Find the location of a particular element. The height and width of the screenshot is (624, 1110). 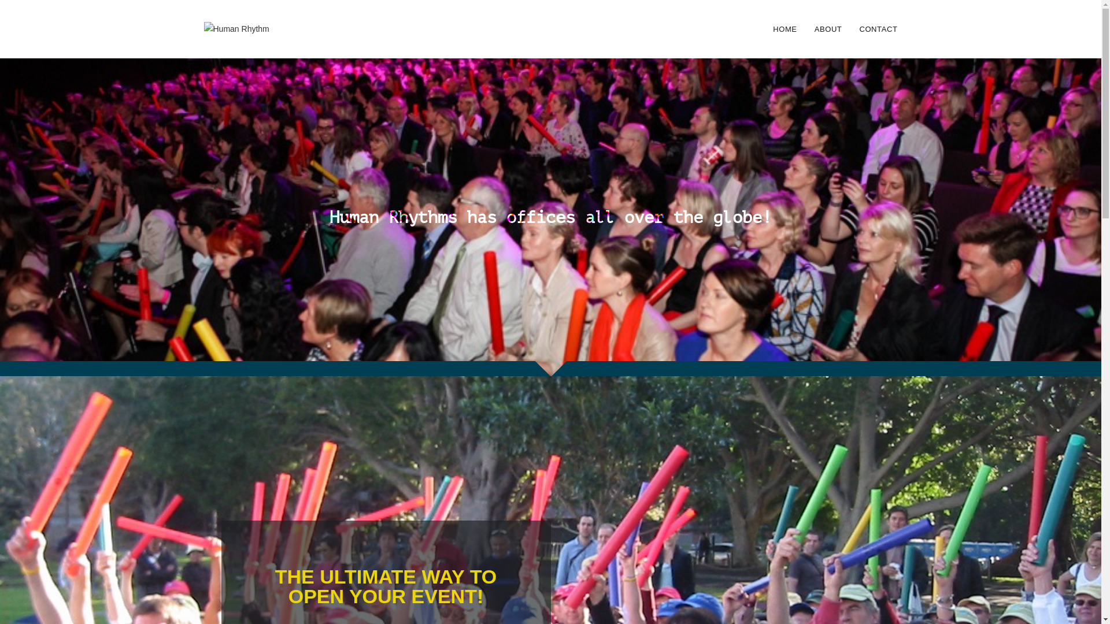

'CONTACT' is located at coordinates (878, 28).